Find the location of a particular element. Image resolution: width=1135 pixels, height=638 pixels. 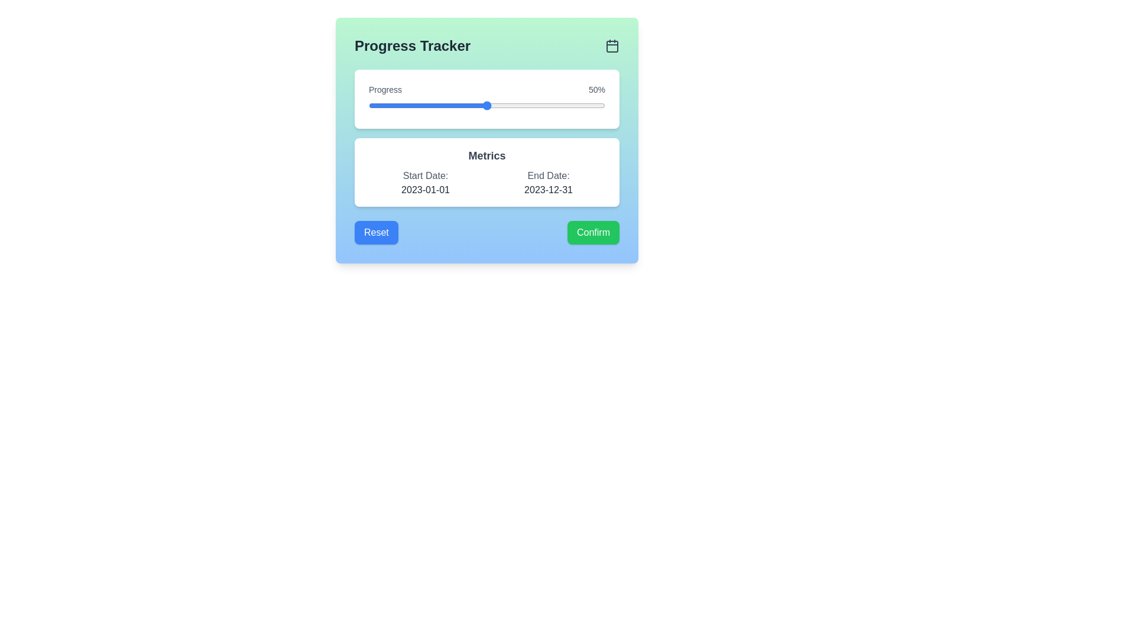

the progress is located at coordinates (555, 105).